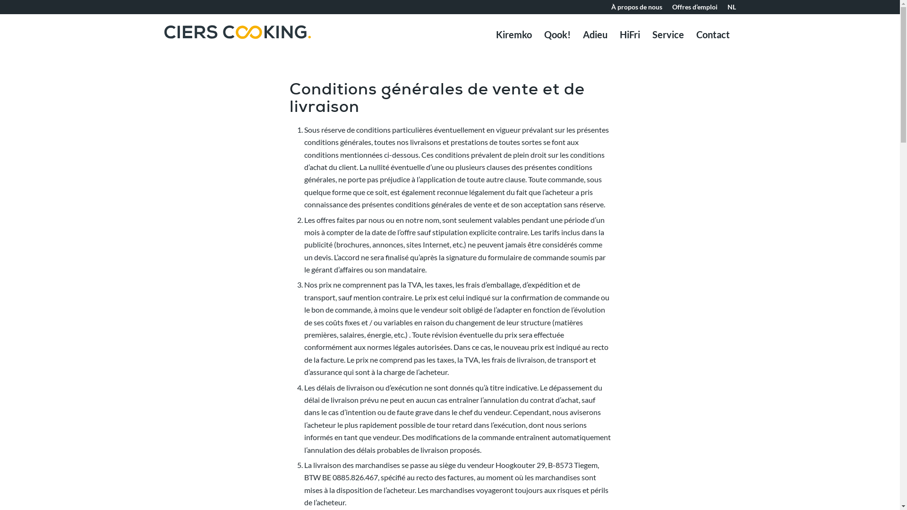  What do you see at coordinates (712, 34) in the screenshot?
I see `'Contact'` at bounding box center [712, 34].